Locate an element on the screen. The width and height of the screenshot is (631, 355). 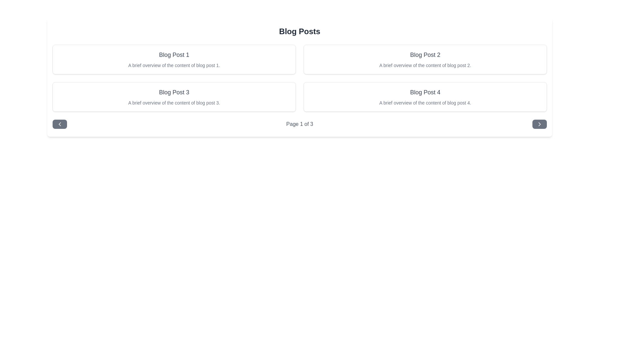
the Card Component in the lower-right corner of the grid is located at coordinates (425, 97).